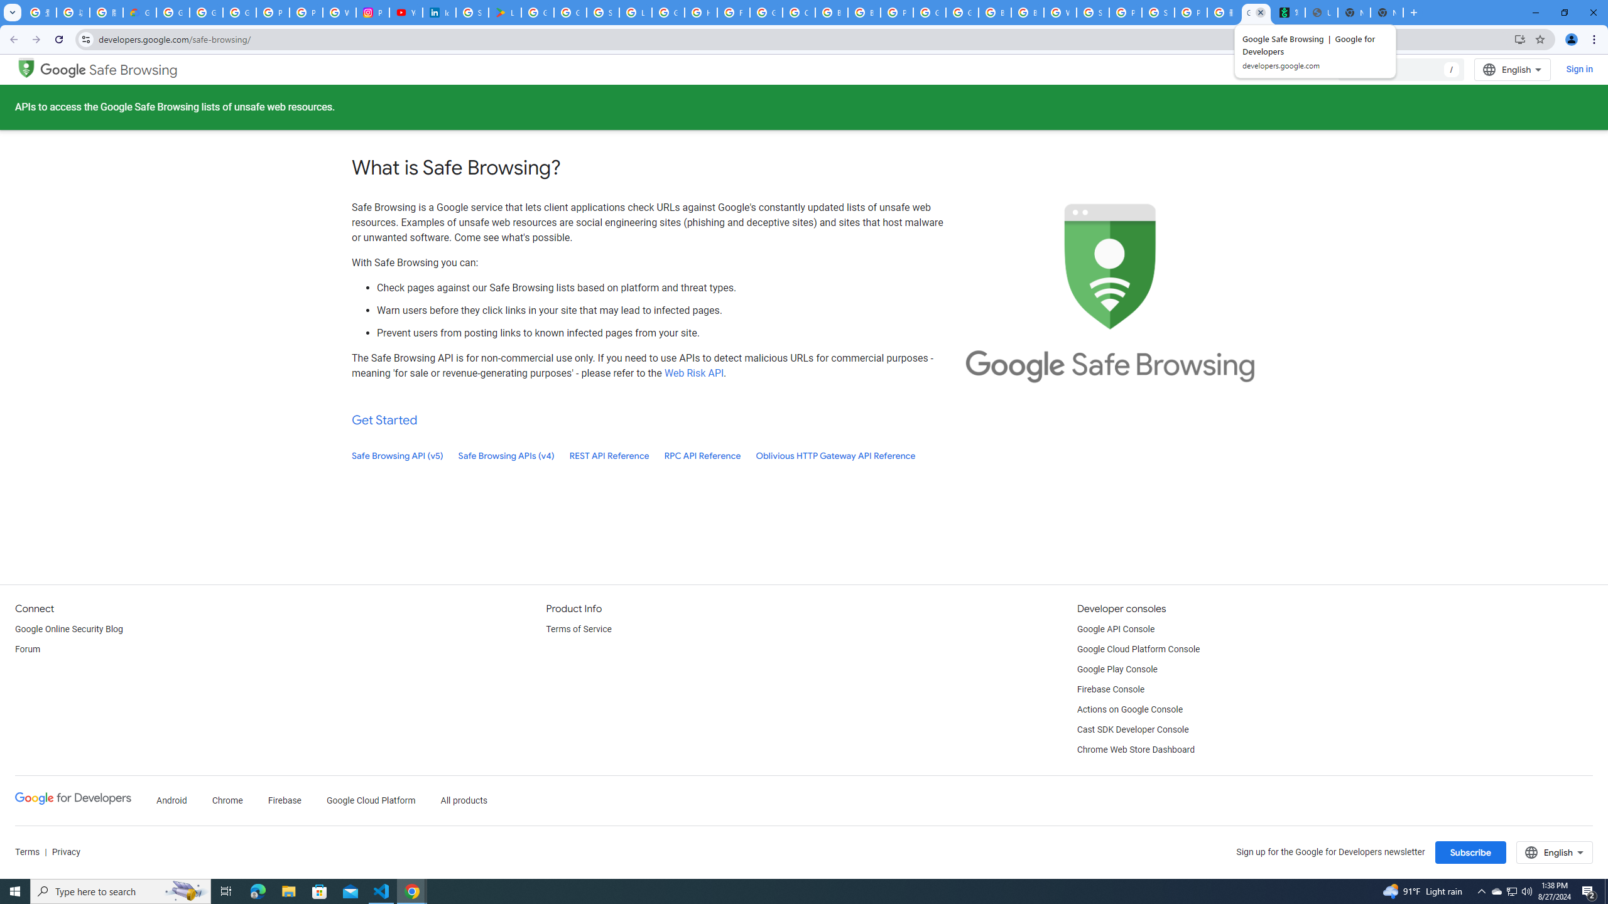  I want to click on 'Google Cloud Platform', so click(371, 800).